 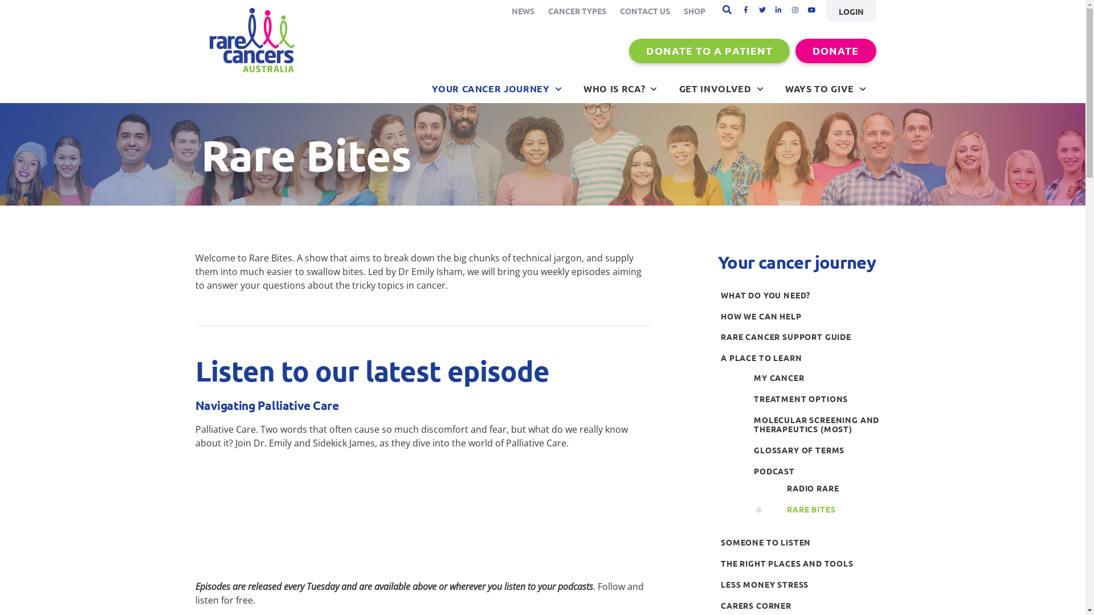 What do you see at coordinates (783, 487) in the screenshot?
I see `'RADIO RARE'` at bounding box center [783, 487].